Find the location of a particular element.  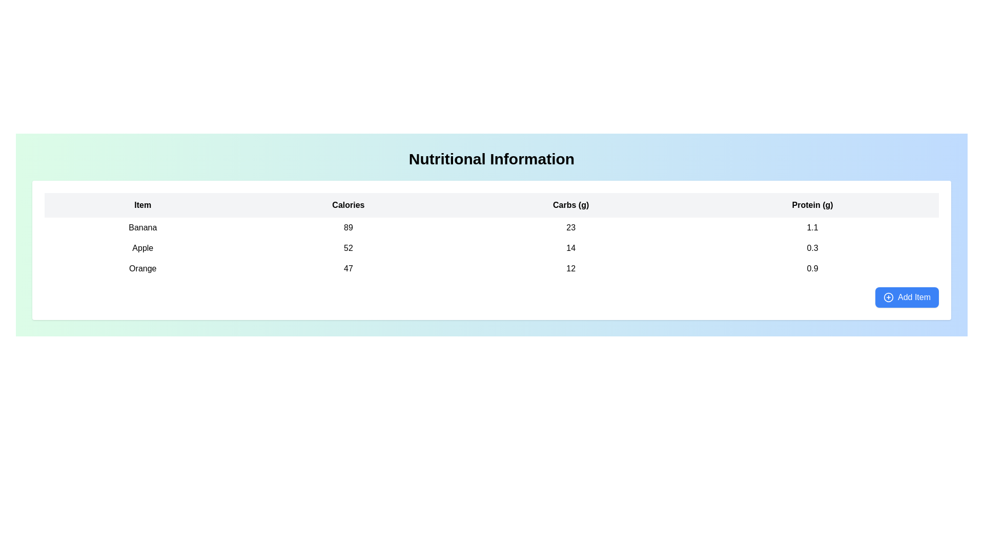

the text label displaying '0.9' in the table corresponding to the item 'Orange', which is aligned with the 'Protein (g)' column is located at coordinates (812, 268).